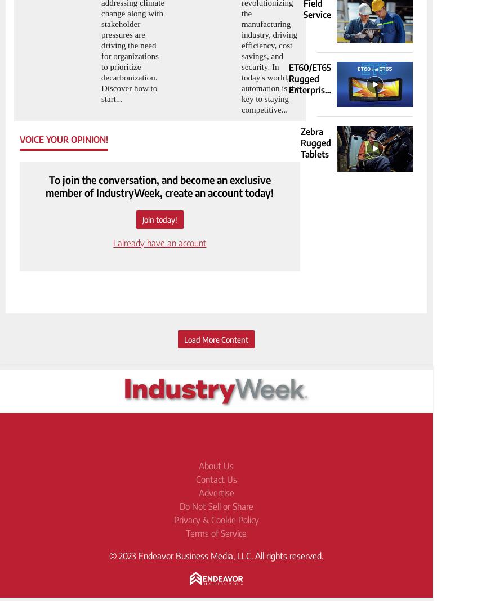 Image resolution: width=486 pixels, height=601 pixels. What do you see at coordinates (316, 142) in the screenshot?
I see `'Zebra Rugged Tablets'` at bounding box center [316, 142].